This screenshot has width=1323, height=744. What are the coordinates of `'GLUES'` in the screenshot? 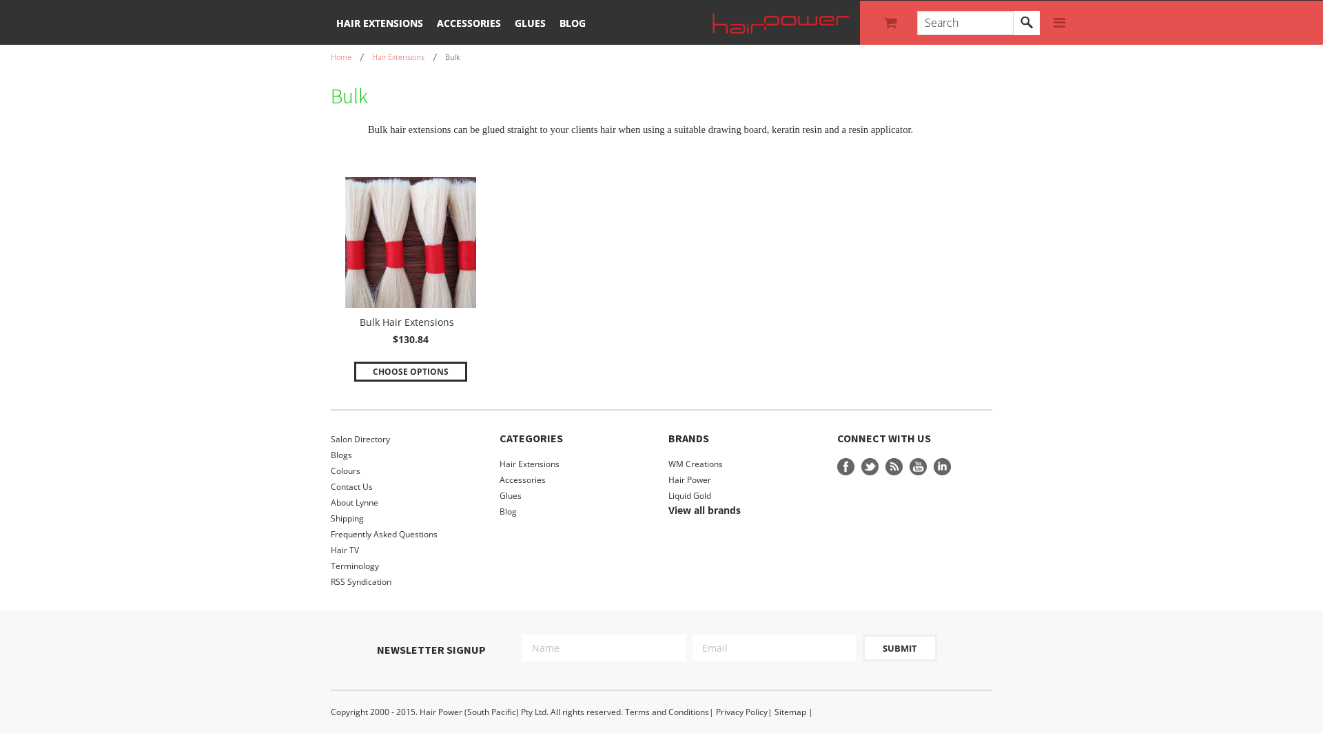 It's located at (529, 22).